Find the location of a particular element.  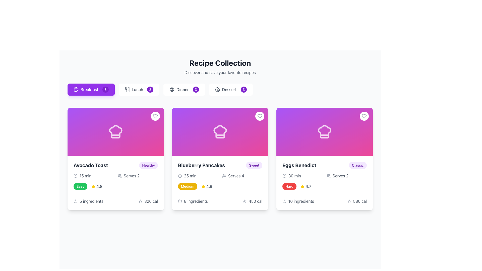

the flame-shaped icon represented as an SVG image located in the lower-right section of the 'Avocado Toast' card, adjacent to the '320 cal' text, for accessibility purposes is located at coordinates (140, 201).